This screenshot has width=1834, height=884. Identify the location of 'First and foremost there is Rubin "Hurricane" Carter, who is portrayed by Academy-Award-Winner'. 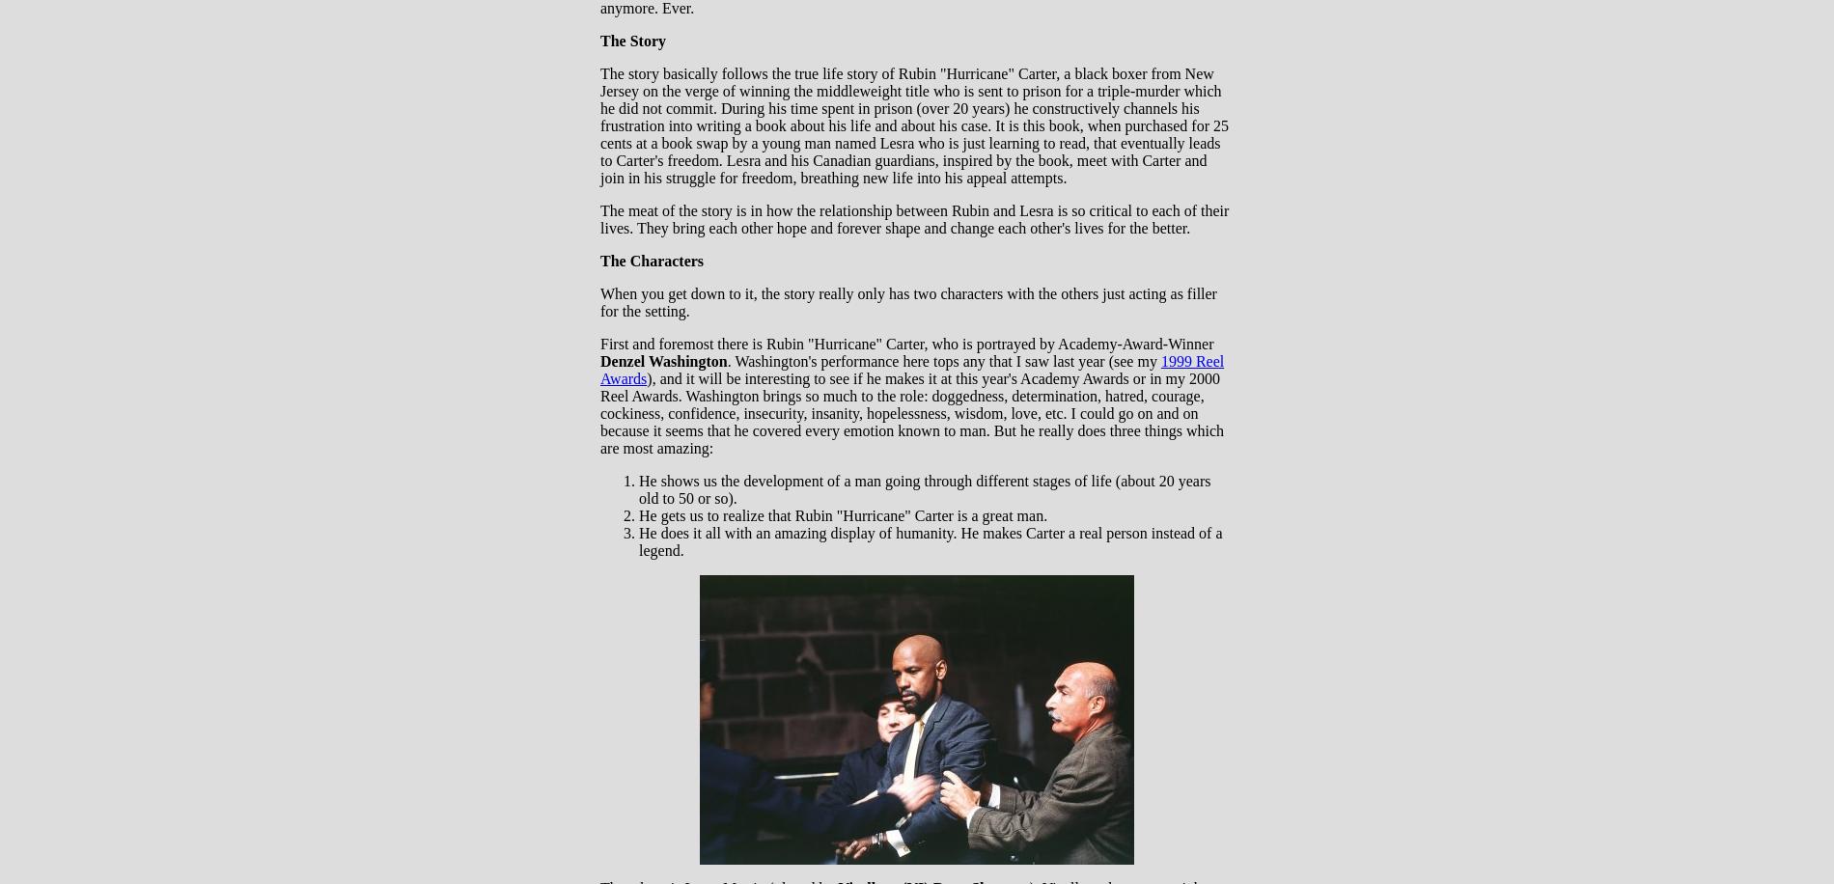
(905, 344).